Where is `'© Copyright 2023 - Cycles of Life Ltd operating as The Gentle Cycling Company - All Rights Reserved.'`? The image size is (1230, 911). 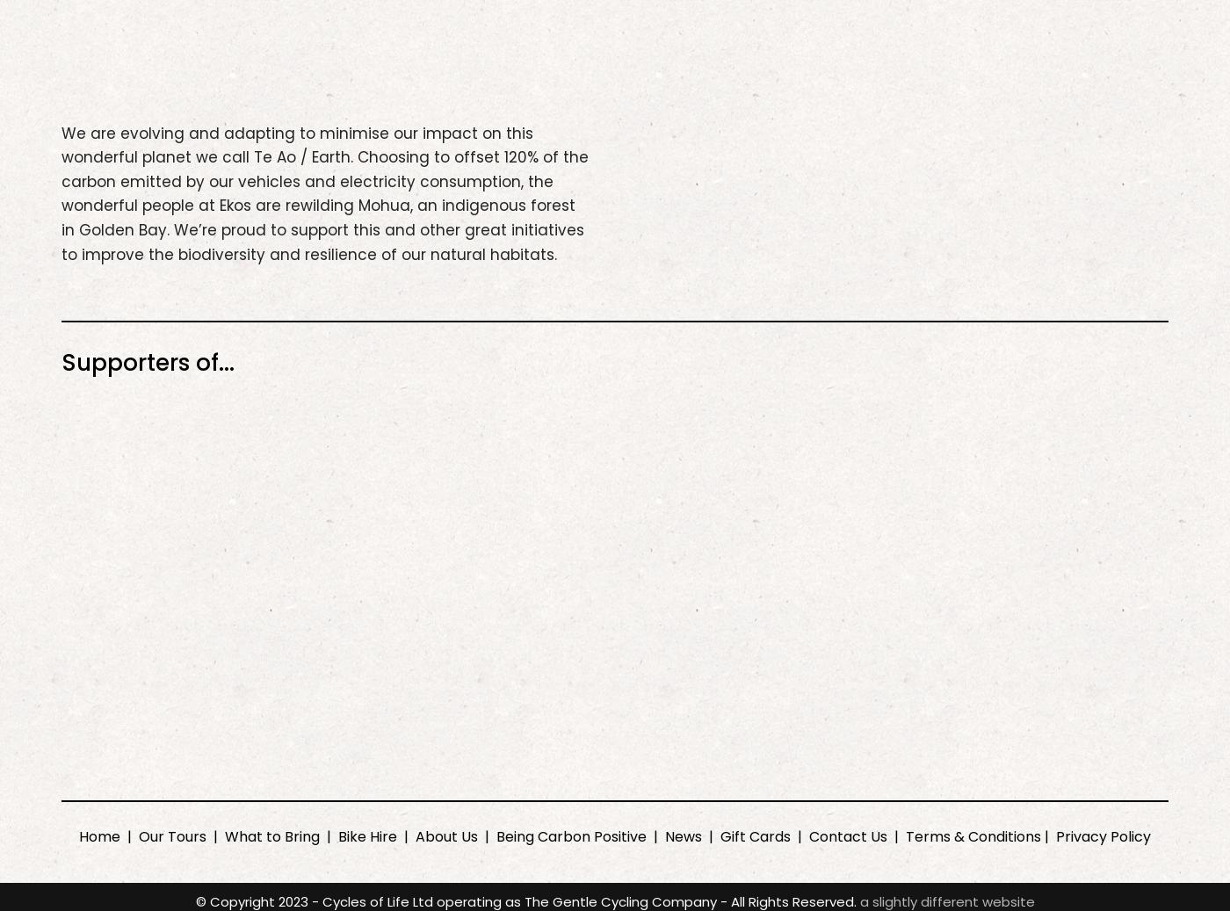 '© Copyright 2023 - Cycles of Life Ltd operating as The Gentle Cycling Company - All Rights Reserved.' is located at coordinates (527, 900).